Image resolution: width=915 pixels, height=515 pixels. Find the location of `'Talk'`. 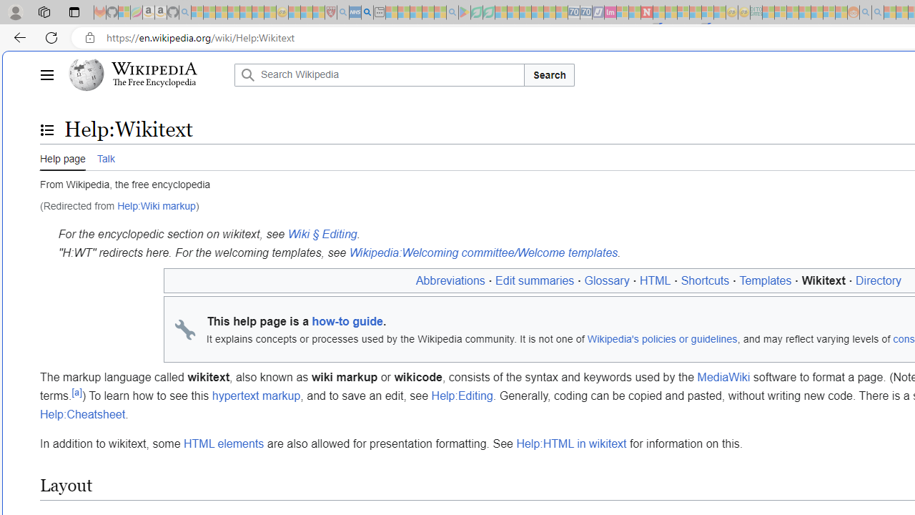

'Talk' is located at coordinates (104, 157).